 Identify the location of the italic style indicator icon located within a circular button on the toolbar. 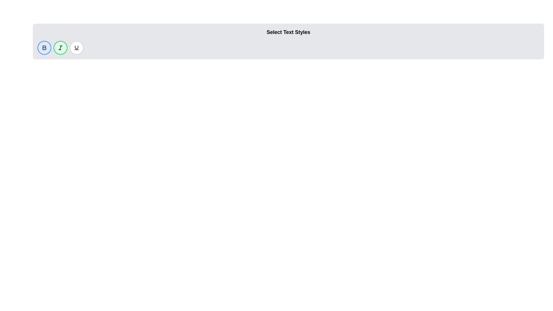
(60, 47).